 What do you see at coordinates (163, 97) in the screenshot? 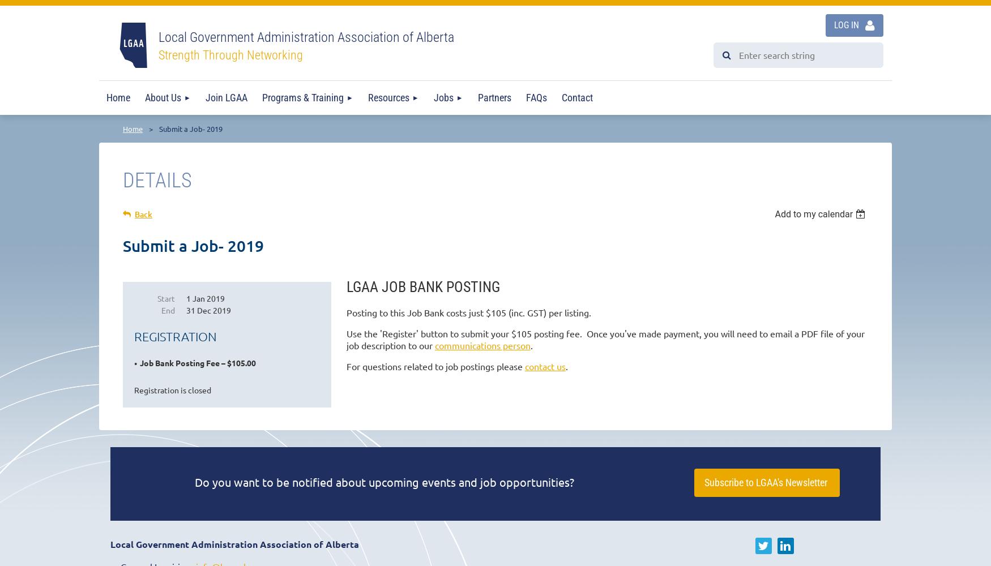
I see `'About Us'` at bounding box center [163, 97].